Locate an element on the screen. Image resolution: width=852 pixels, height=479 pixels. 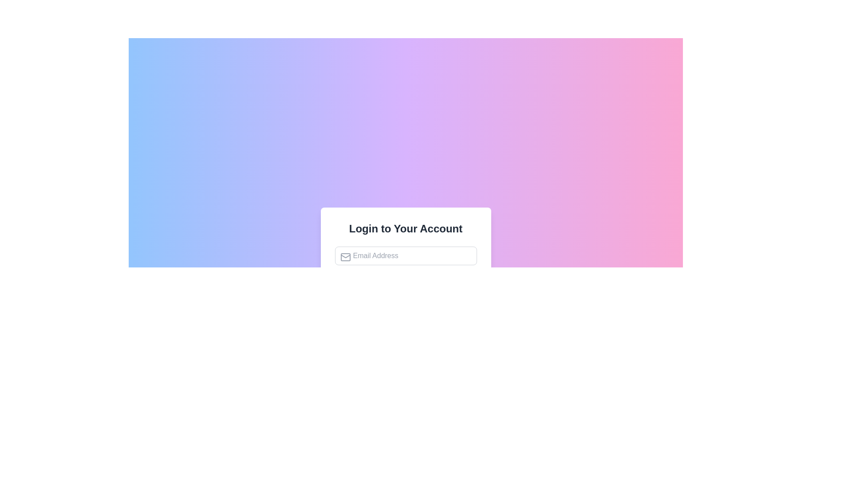
the main rectangular segment of the envelope icon, which is an SVG graphical shape with rounded corners is located at coordinates (345, 257).